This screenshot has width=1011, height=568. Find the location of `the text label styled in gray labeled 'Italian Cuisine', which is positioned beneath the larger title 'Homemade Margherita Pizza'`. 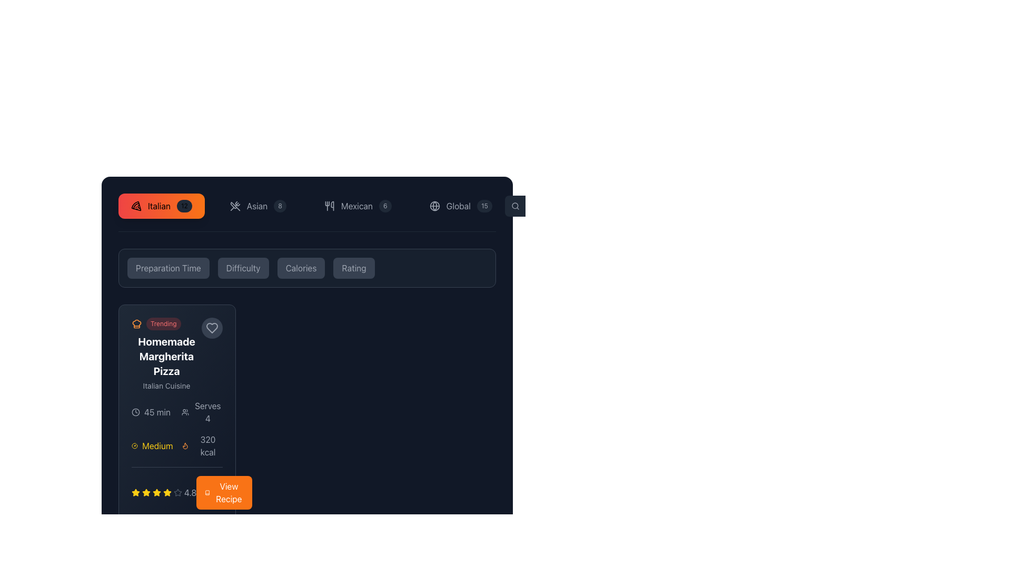

the text label styled in gray labeled 'Italian Cuisine', which is positioned beneath the larger title 'Homemade Margherita Pizza' is located at coordinates (166, 386).